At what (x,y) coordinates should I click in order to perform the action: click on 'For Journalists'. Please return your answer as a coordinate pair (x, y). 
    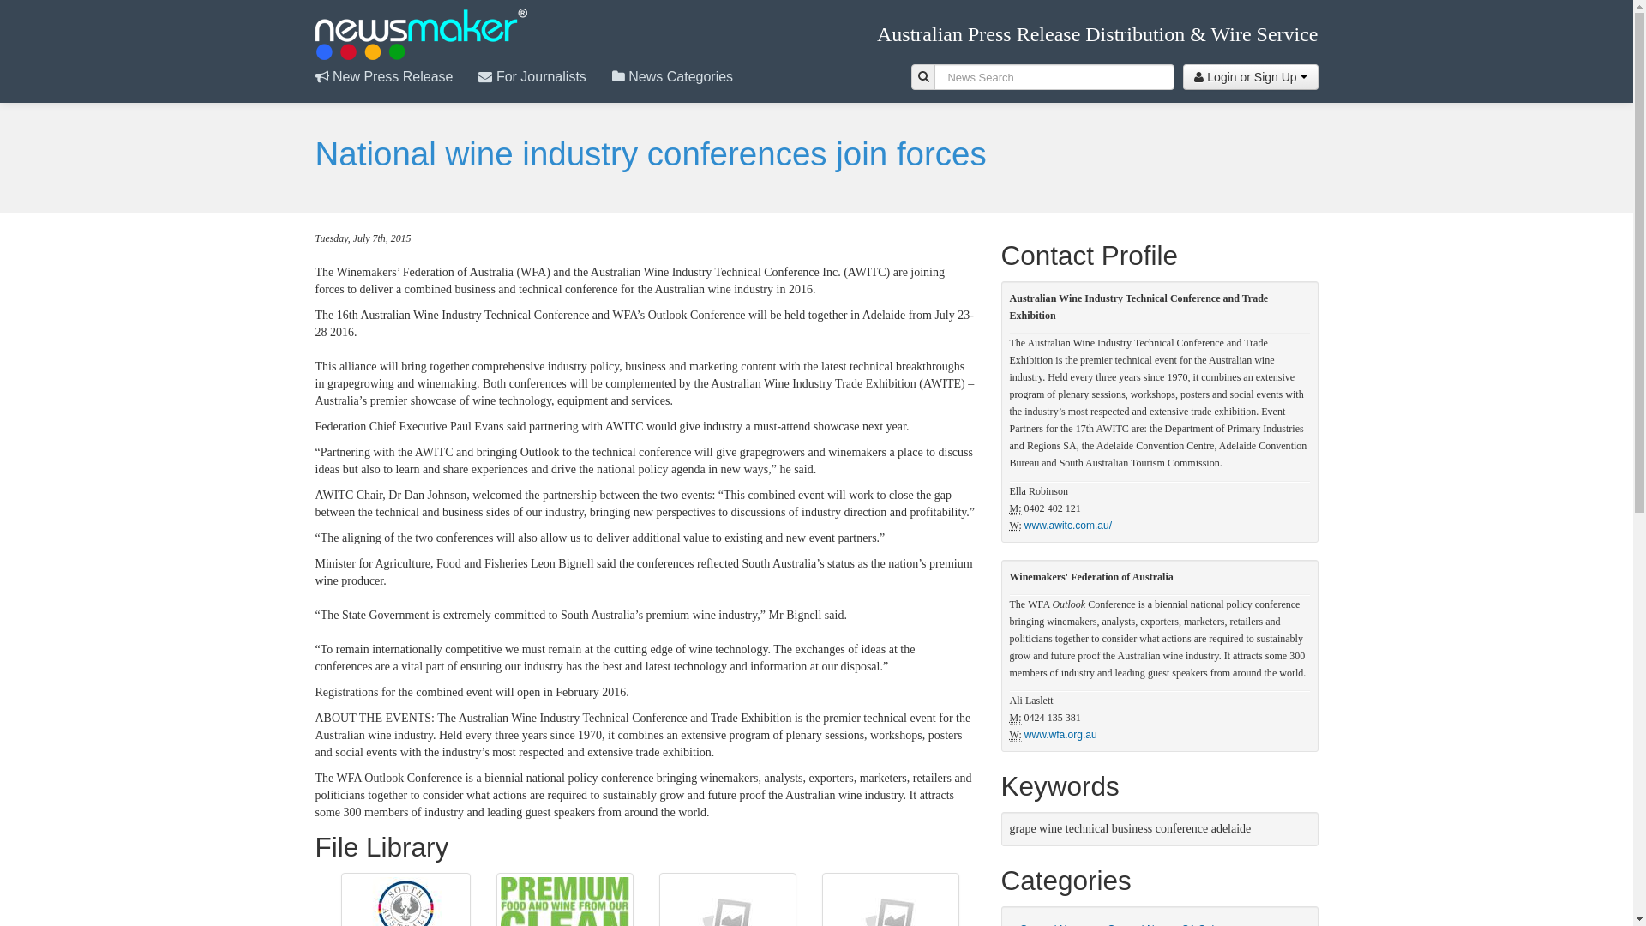
    Looking at the image, I should click on (544, 75).